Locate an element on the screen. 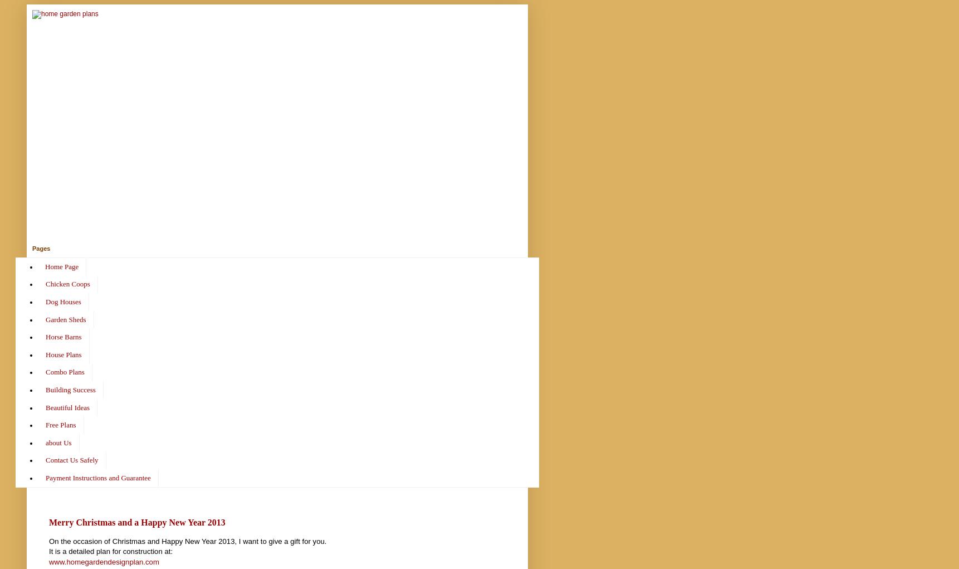 This screenshot has height=569, width=959. 'Merry Christmas and a Happy New Year 2013' is located at coordinates (48, 522).